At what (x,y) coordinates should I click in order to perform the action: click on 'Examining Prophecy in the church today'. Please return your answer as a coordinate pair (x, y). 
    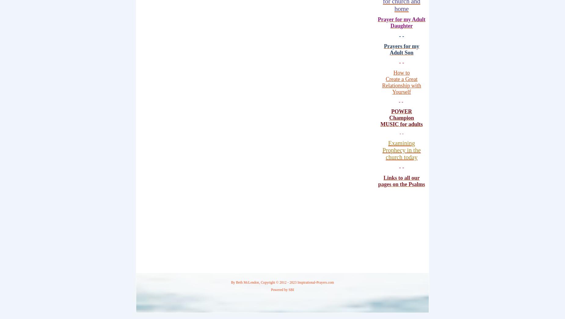
    Looking at the image, I should click on (401, 150).